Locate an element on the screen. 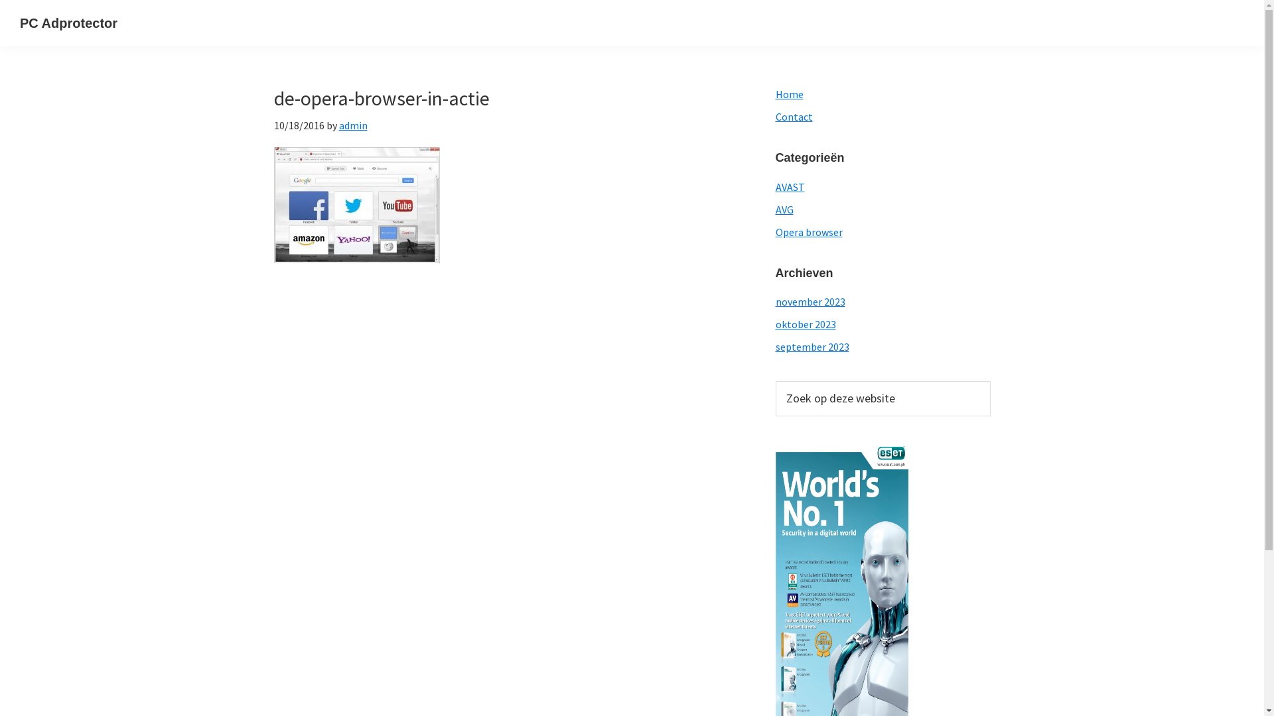 The image size is (1274, 716). 'Home' is located at coordinates (789, 93).